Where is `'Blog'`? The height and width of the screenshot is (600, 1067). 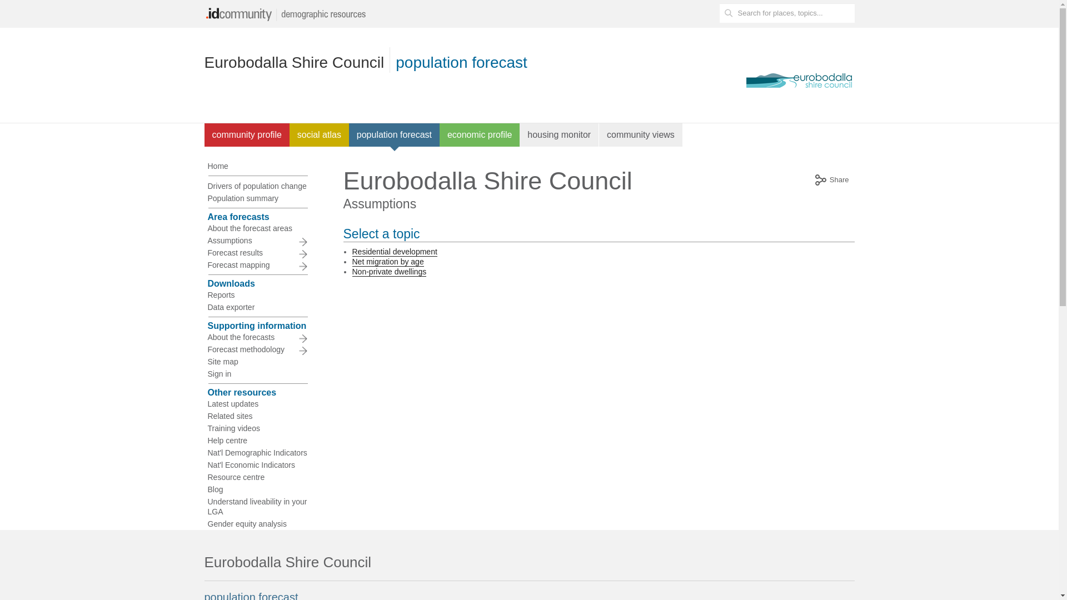
'Blog' is located at coordinates (256, 488).